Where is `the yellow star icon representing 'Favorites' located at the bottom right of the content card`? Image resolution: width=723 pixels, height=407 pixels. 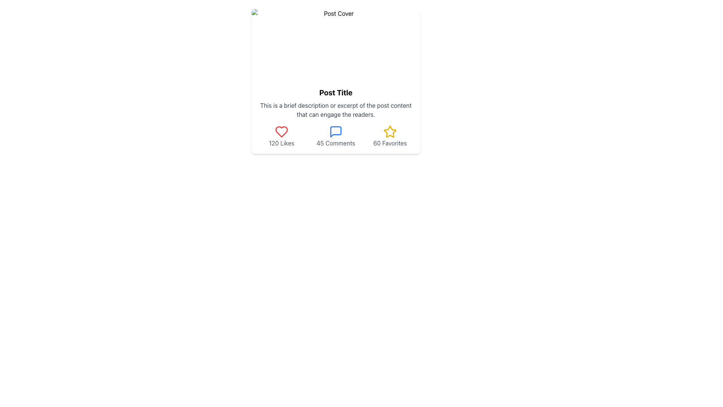 the yellow star icon representing 'Favorites' located at the bottom right of the content card is located at coordinates (390, 131).